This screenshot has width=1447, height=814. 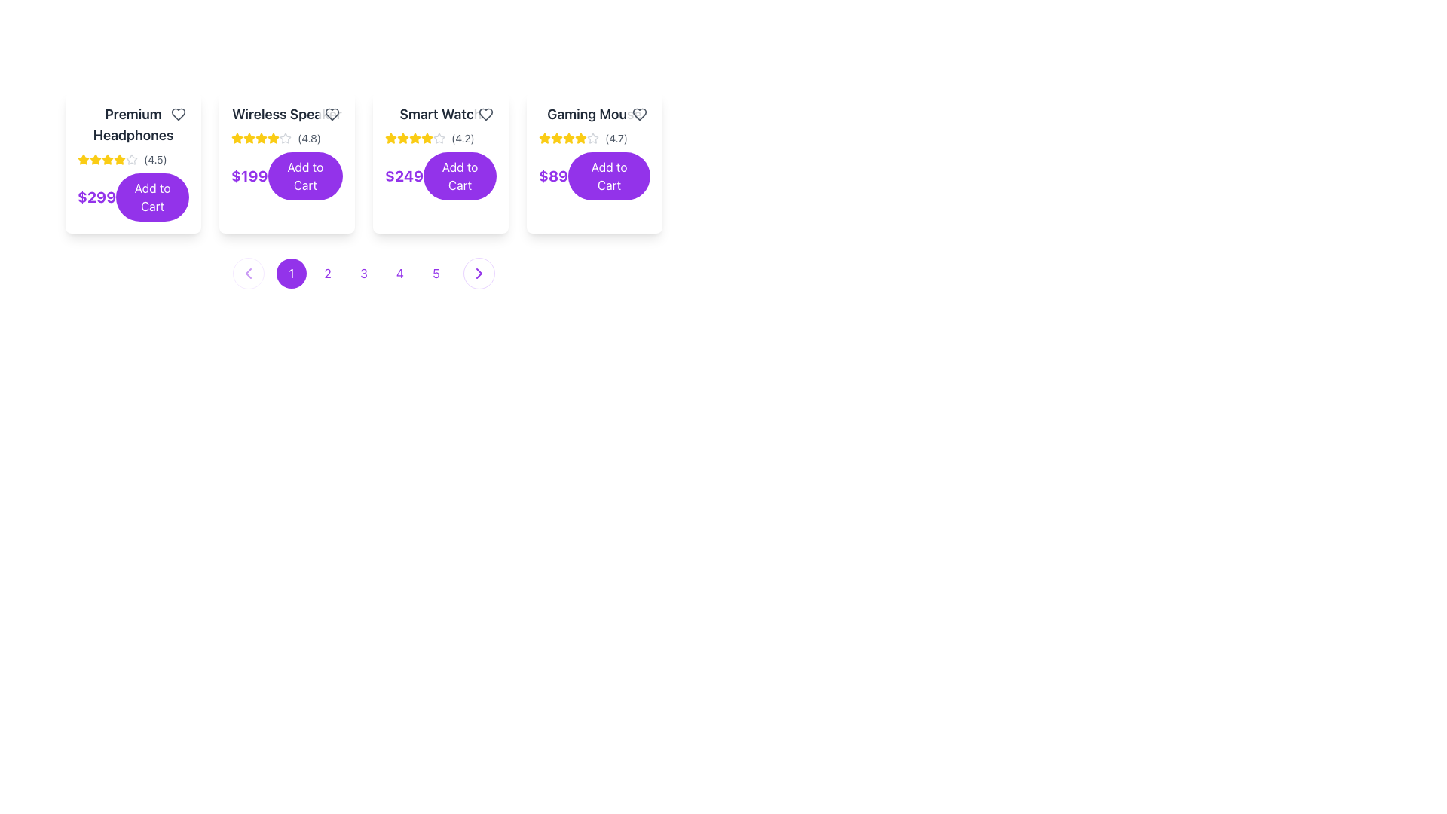 What do you see at coordinates (82, 160) in the screenshot?
I see `the first star icon in the rating section of the Premium Headphones product card, which visually represents a single unit in the 4.5-star rating` at bounding box center [82, 160].